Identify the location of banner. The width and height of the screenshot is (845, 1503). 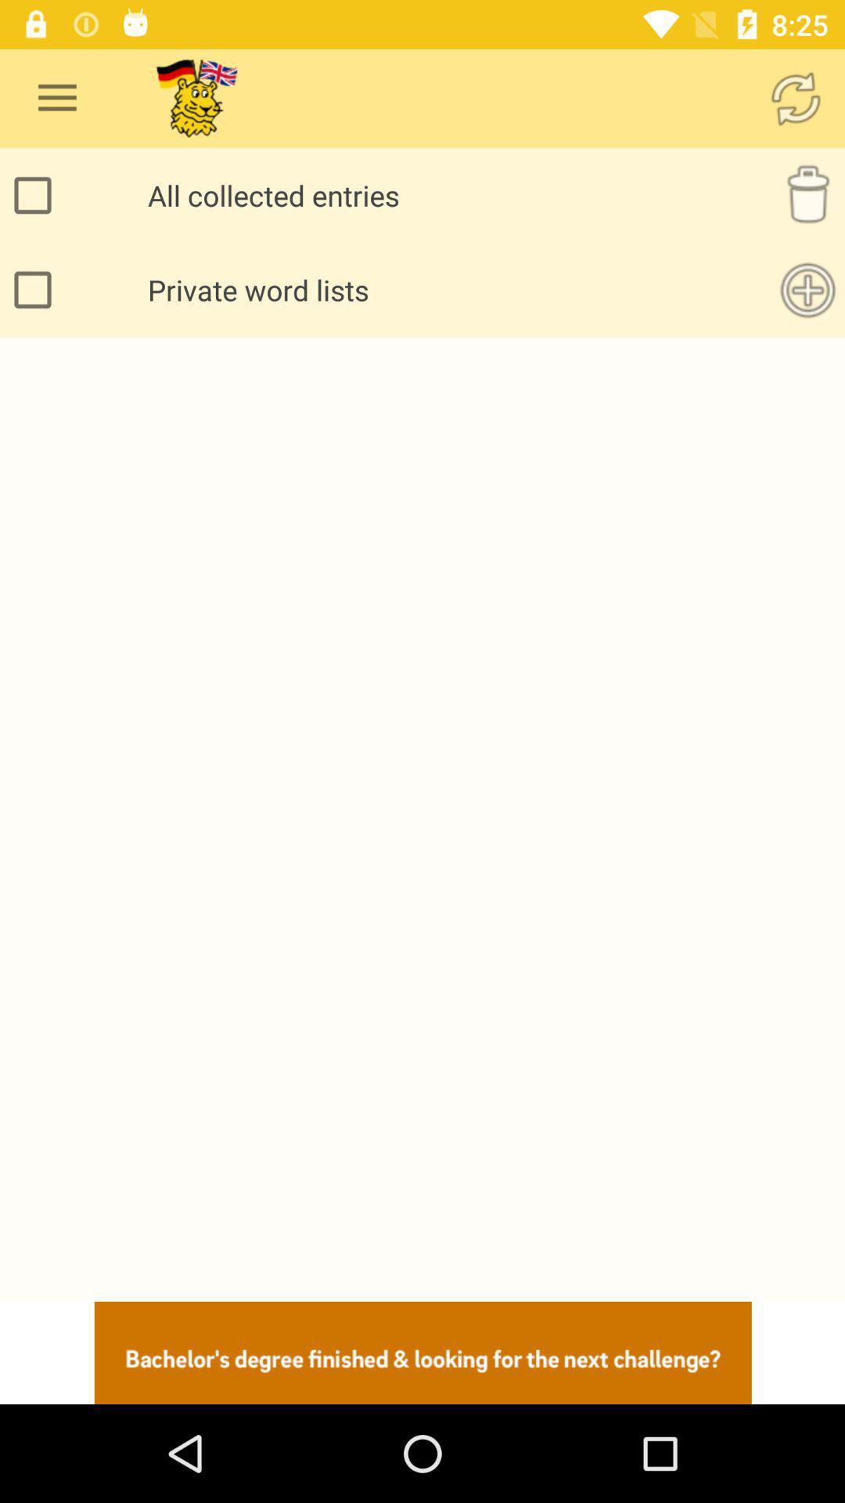
(422, 1352).